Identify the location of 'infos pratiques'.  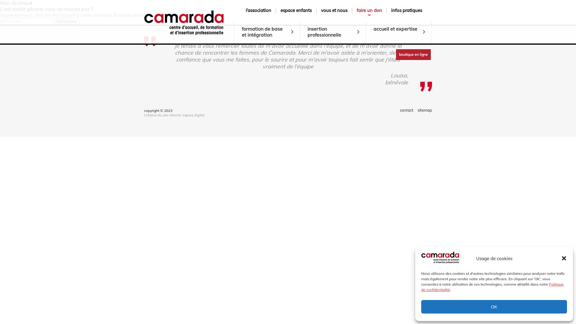
(406, 10).